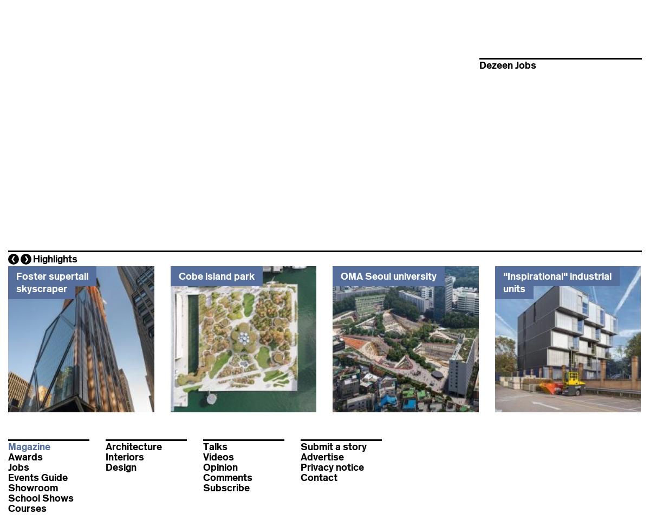  Describe the element at coordinates (220, 467) in the screenshot. I see `'Opinion'` at that location.